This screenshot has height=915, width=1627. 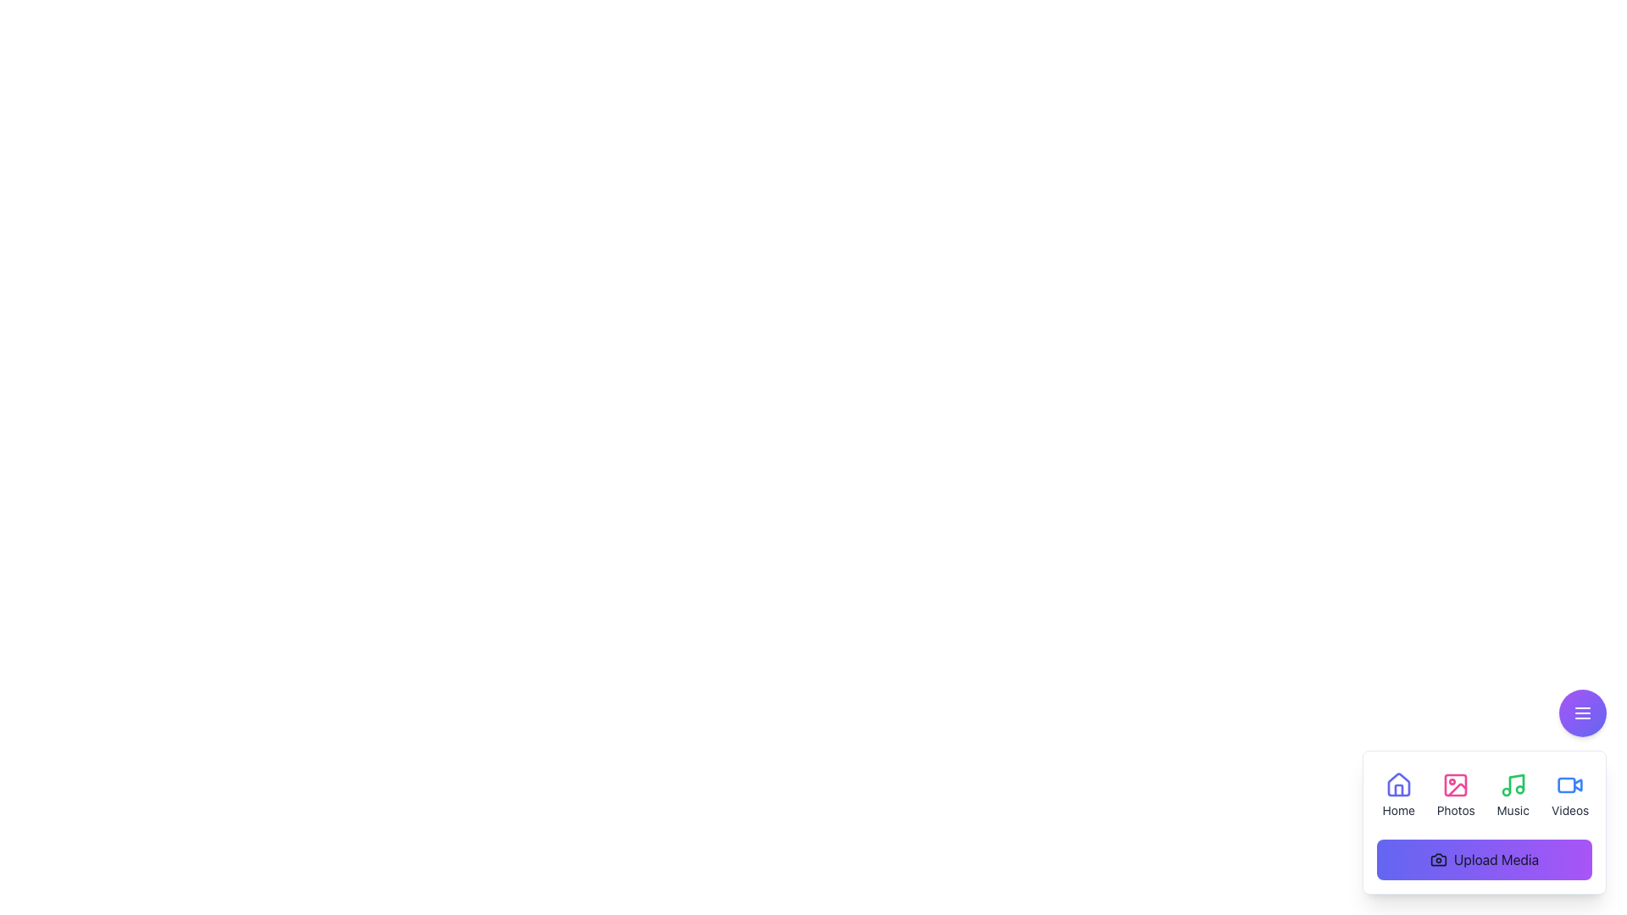 What do you see at coordinates (1513, 795) in the screenshot?
I see `the music management button, which is the third button in a horizontal grid of four buttons located` at bounding box center [1513, 795].